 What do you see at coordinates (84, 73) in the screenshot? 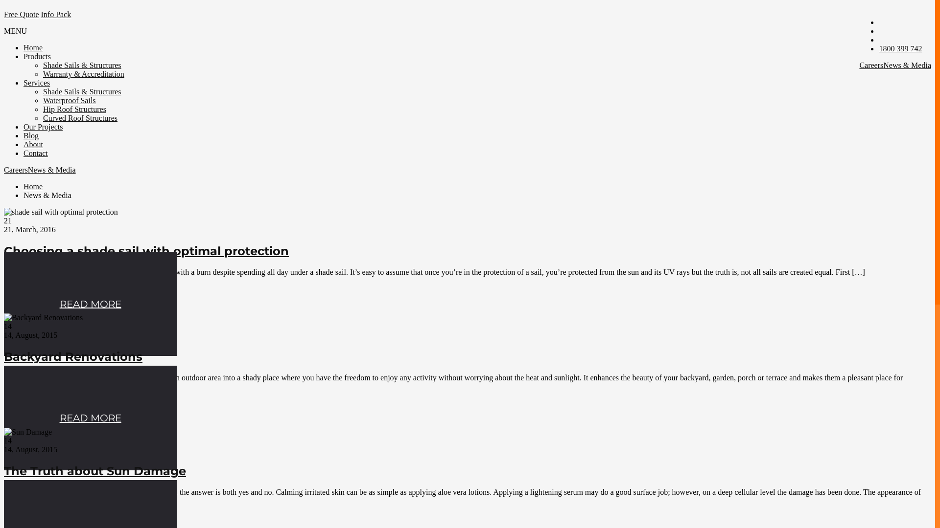
I see `'Warranty & Accreditation'` at bounding box center [84, 73].